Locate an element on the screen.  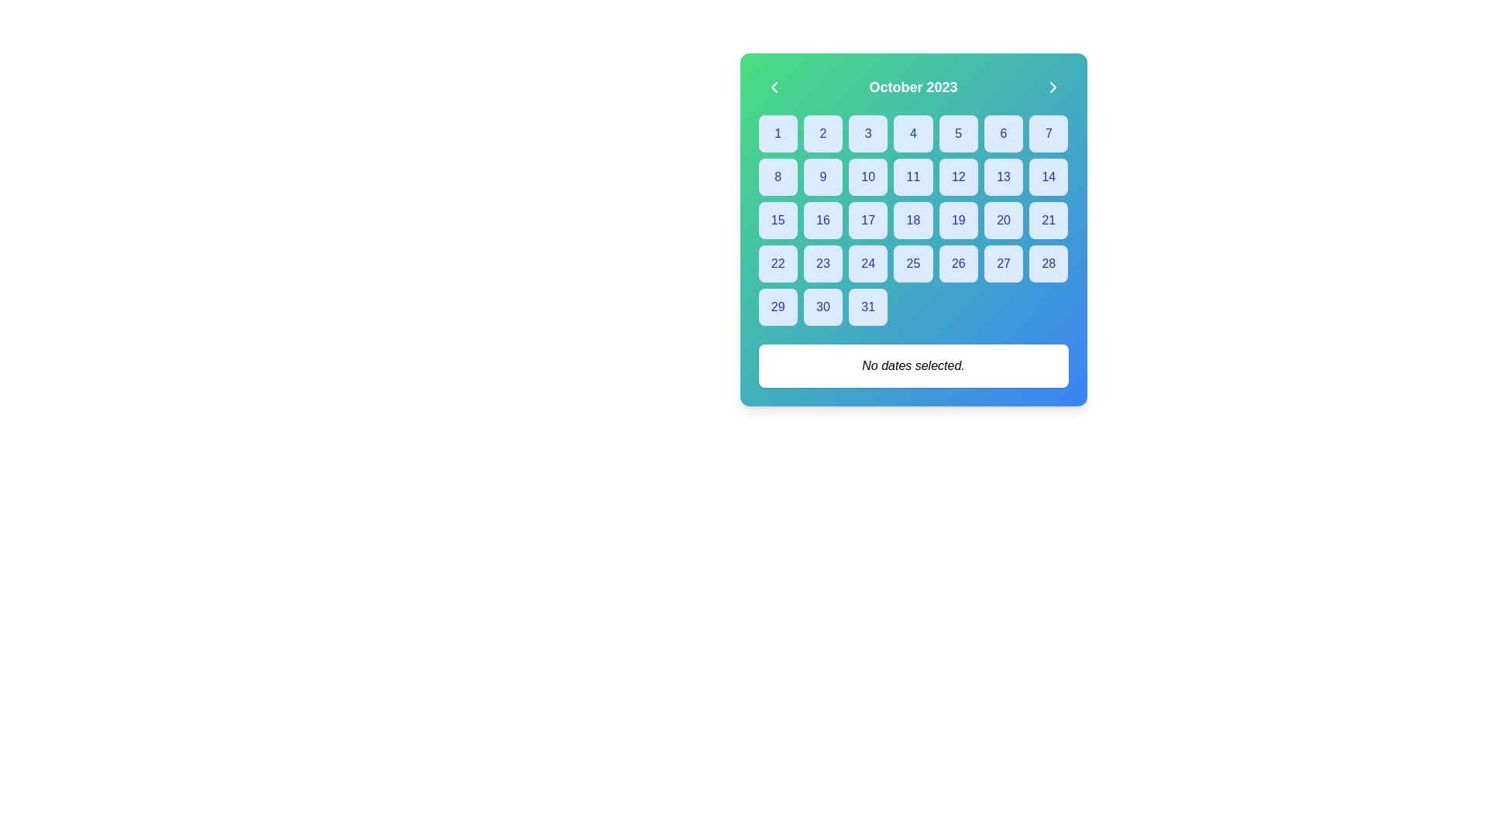
the calendar button displaying the date '13' with a darker blue background is located at coordinates (1004, 176).